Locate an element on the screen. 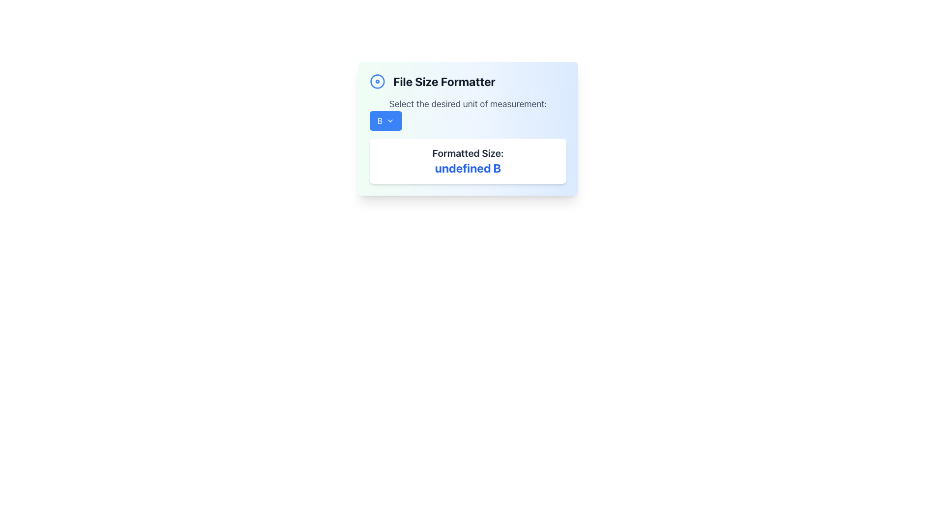 The width and height of the screenshot is (944, 531). the chevron-down icon located on the rightmost side of the button labeled 'B', which has a blue background and white text is located at coordinates (390, 120).